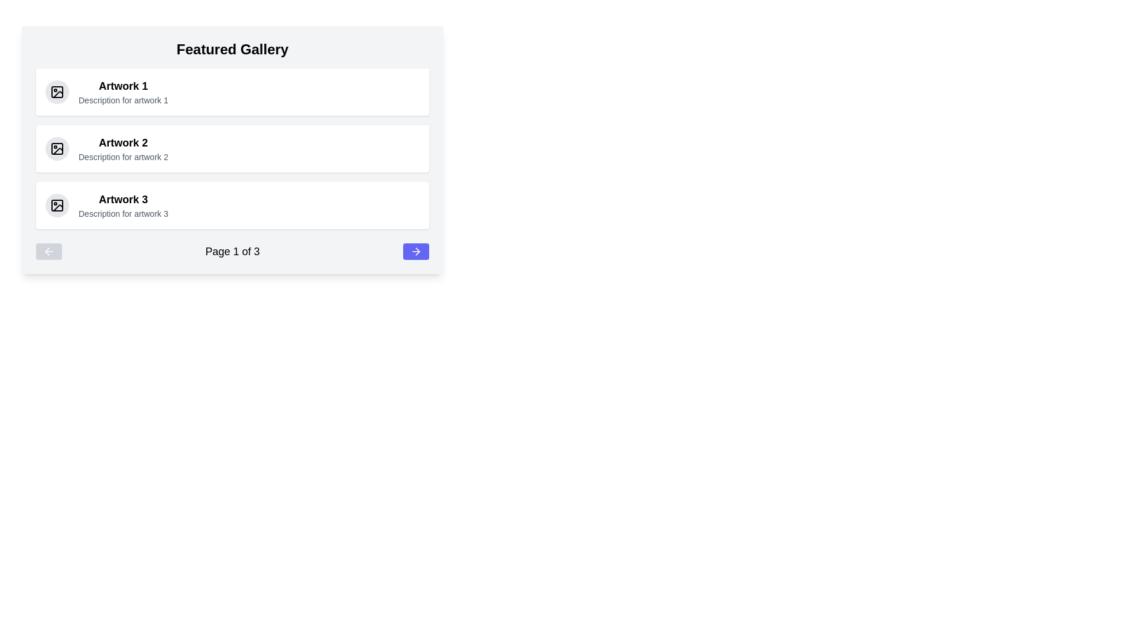 The height and width of the screenshot is (638, 1135). I want to click on the circular Icon Button with a gray background featuring a mountain and sun icon located in the top-left corner of the third artwork card in the gallery, so click(56, 204).